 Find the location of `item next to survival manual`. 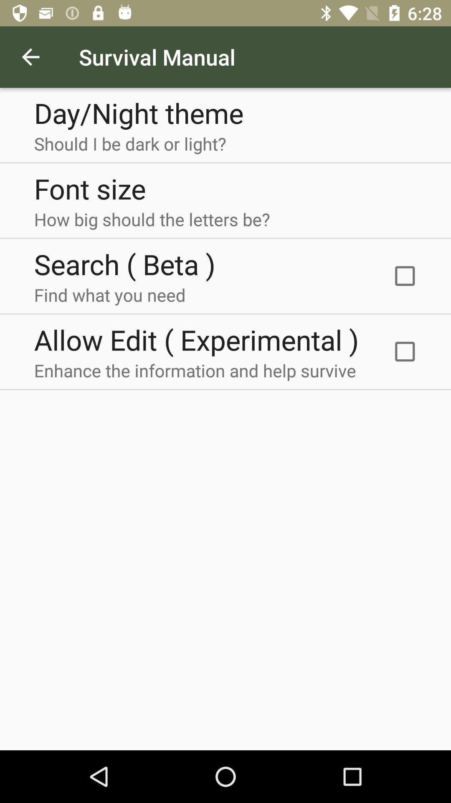

item next to survival manual is located at coordinates (30, 56).